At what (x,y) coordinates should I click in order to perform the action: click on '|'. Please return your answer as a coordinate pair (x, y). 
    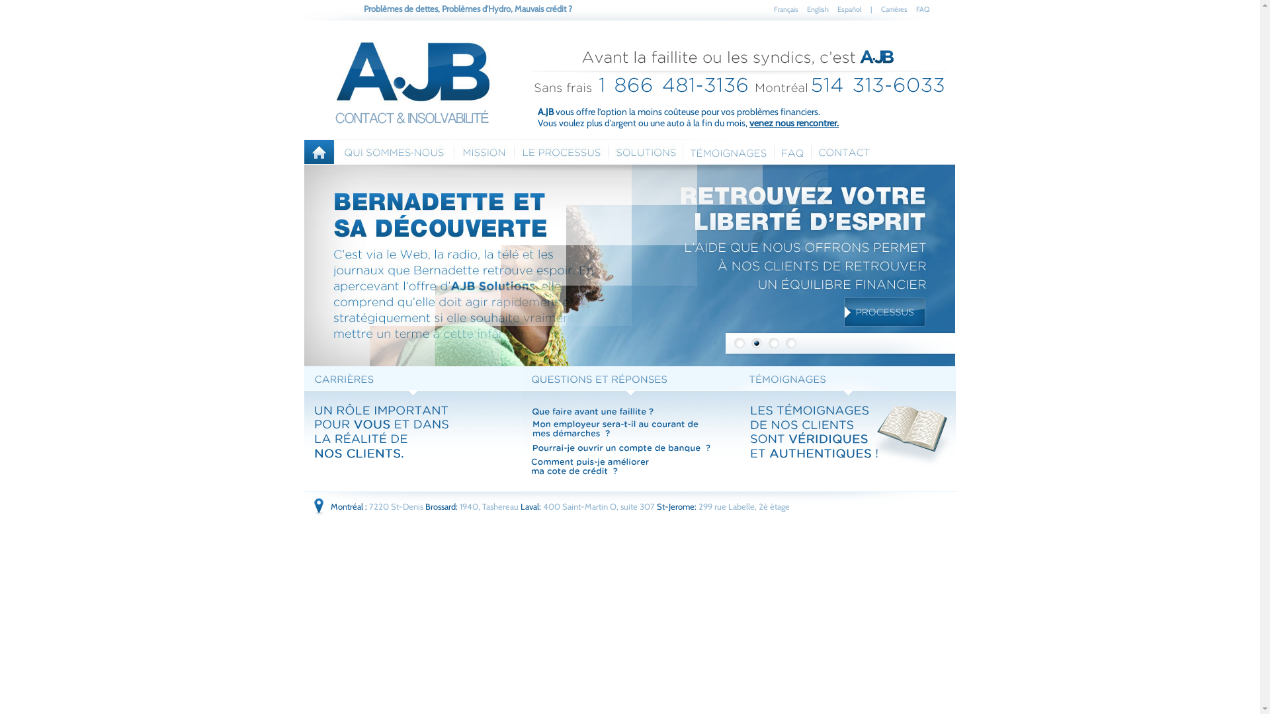
    Looking at the image, I should click on (870, 9).